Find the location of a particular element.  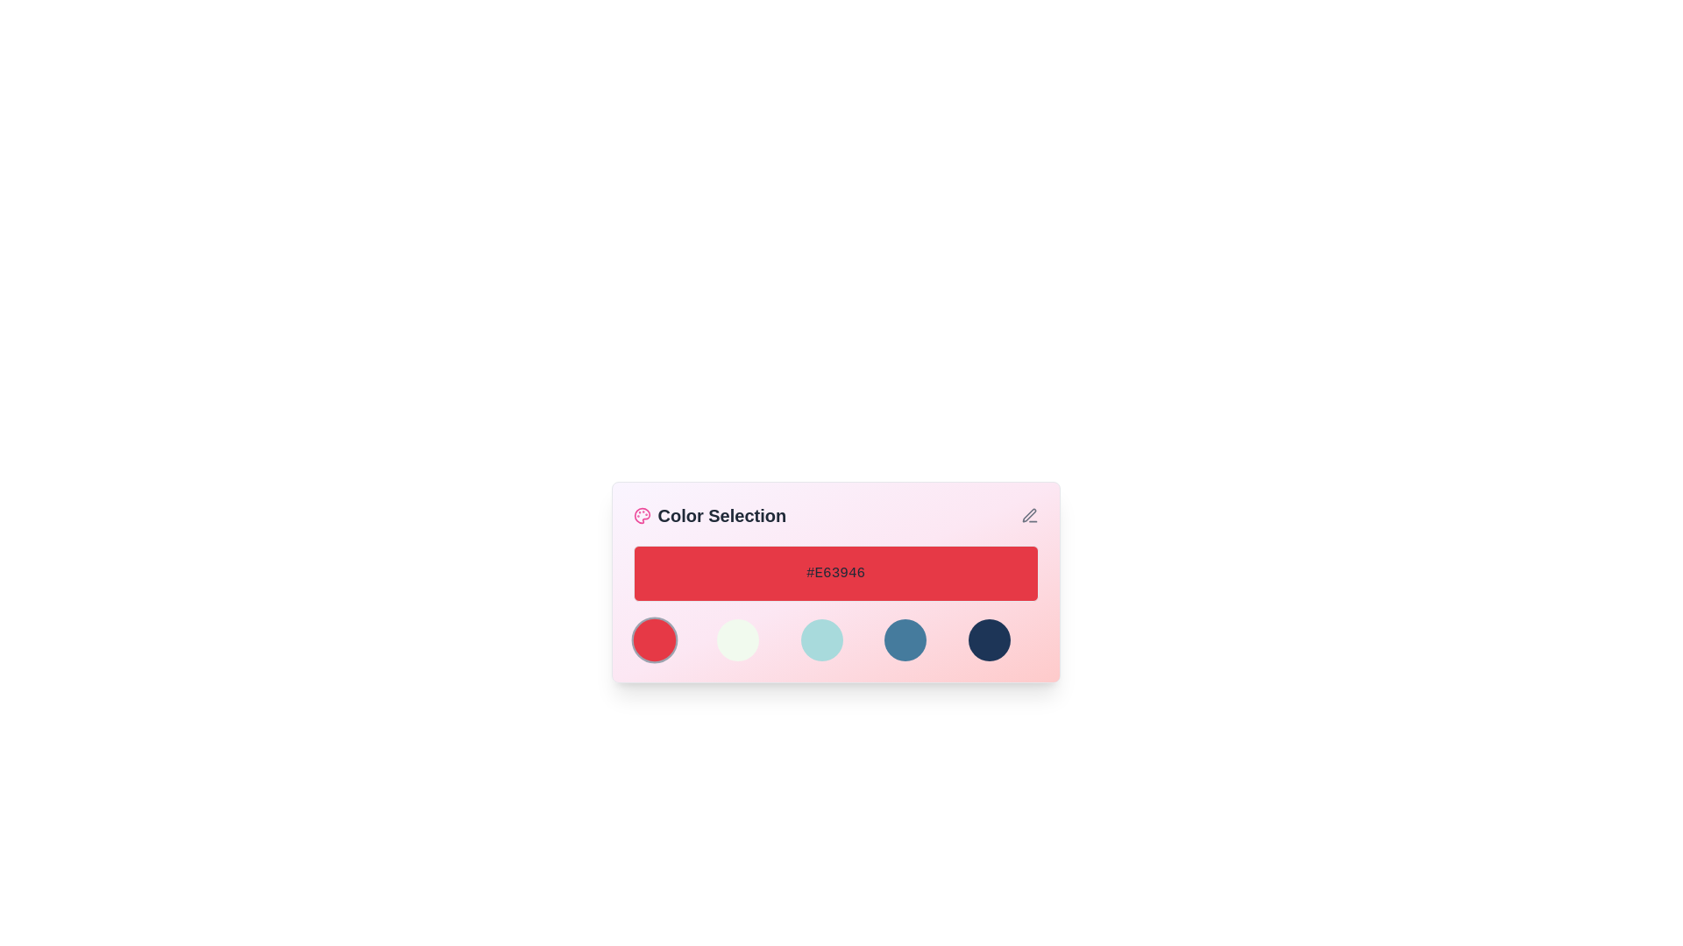

the pink-colored outlined palette icon located to the left of the 'Color Selection' text in the header section is located at coordinates (641, 515).